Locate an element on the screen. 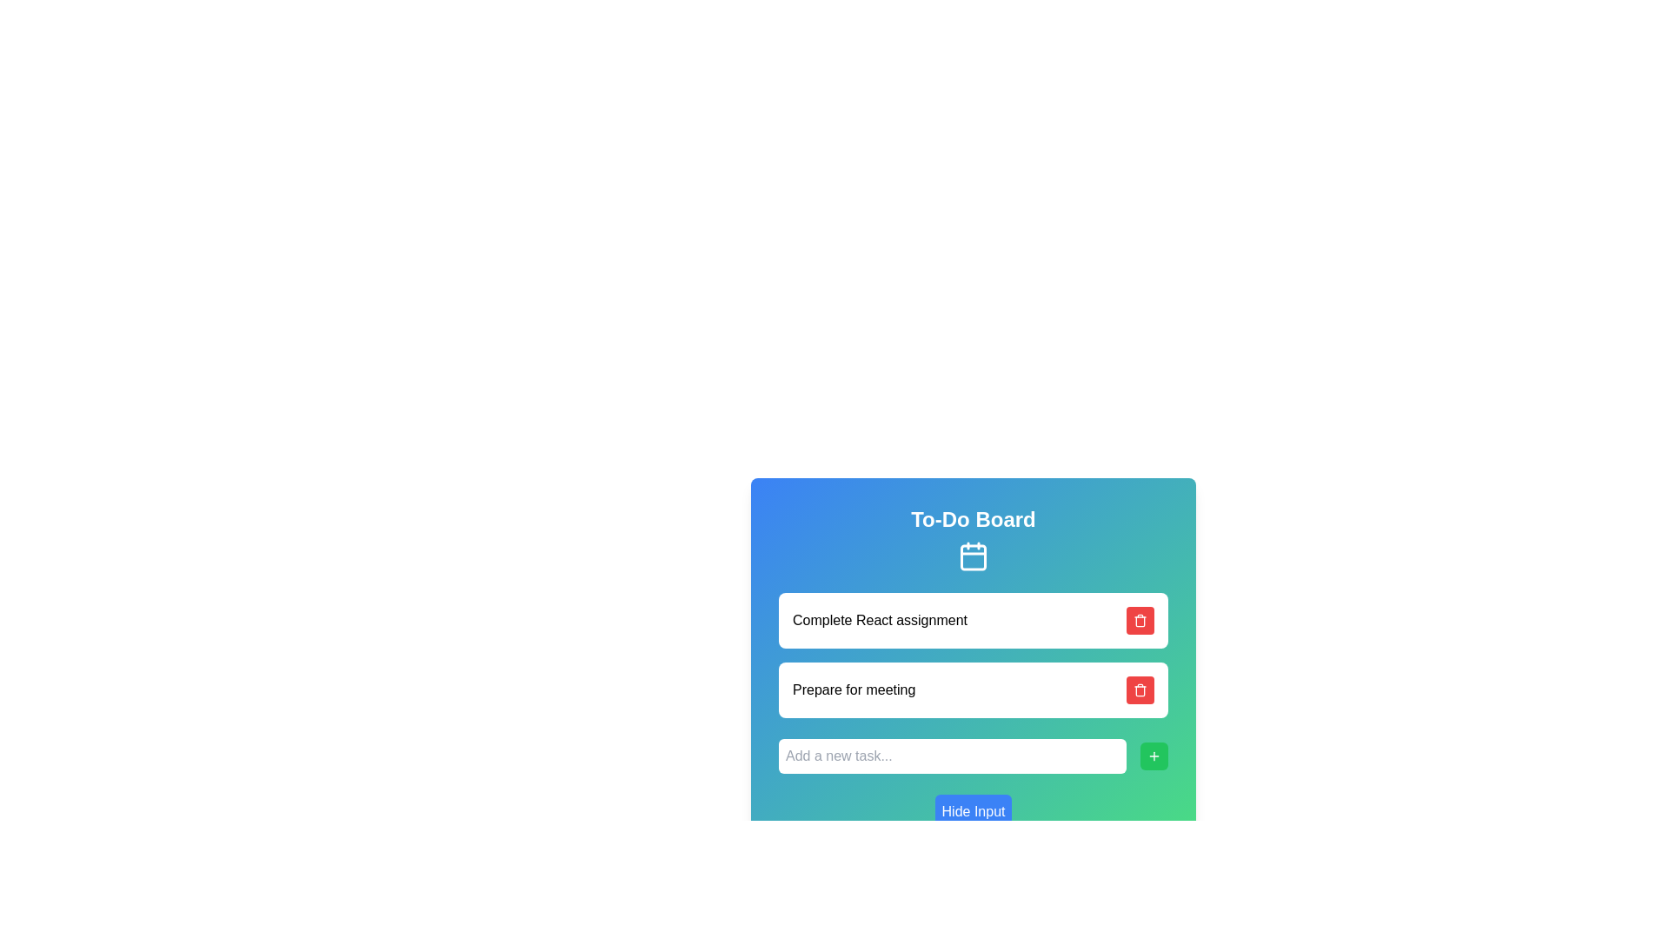  the action button located at the right end of the input field labeled 'Add a new task...' is located at coordinates (1154, 756).